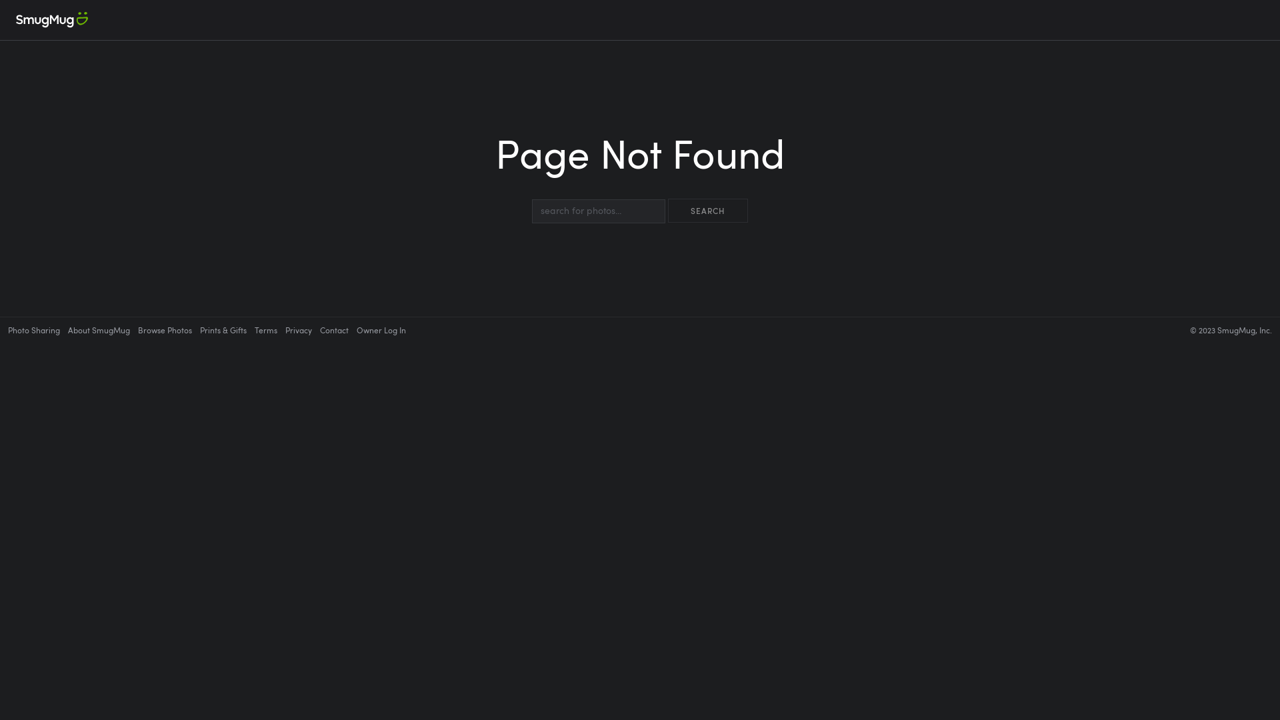  I want to click on 'SEARCH', so click(707, 210).